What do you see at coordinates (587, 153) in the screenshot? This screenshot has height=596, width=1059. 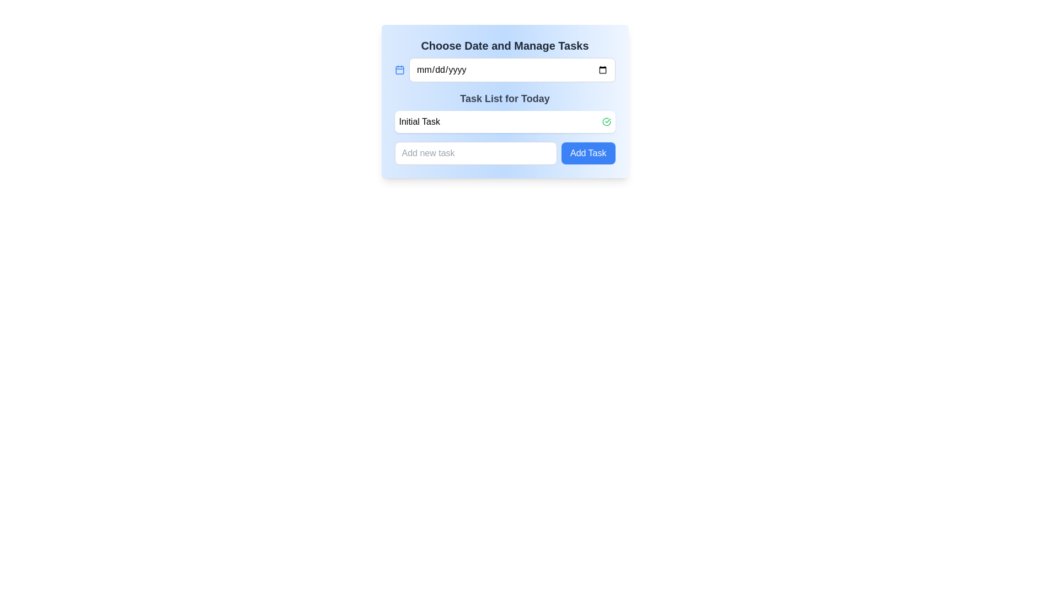 I see `the 'Add Task' button, which is a rectangular button with a blue background and white text, located to the immediate right of the task entry input field` at bounding box center [587, 153].